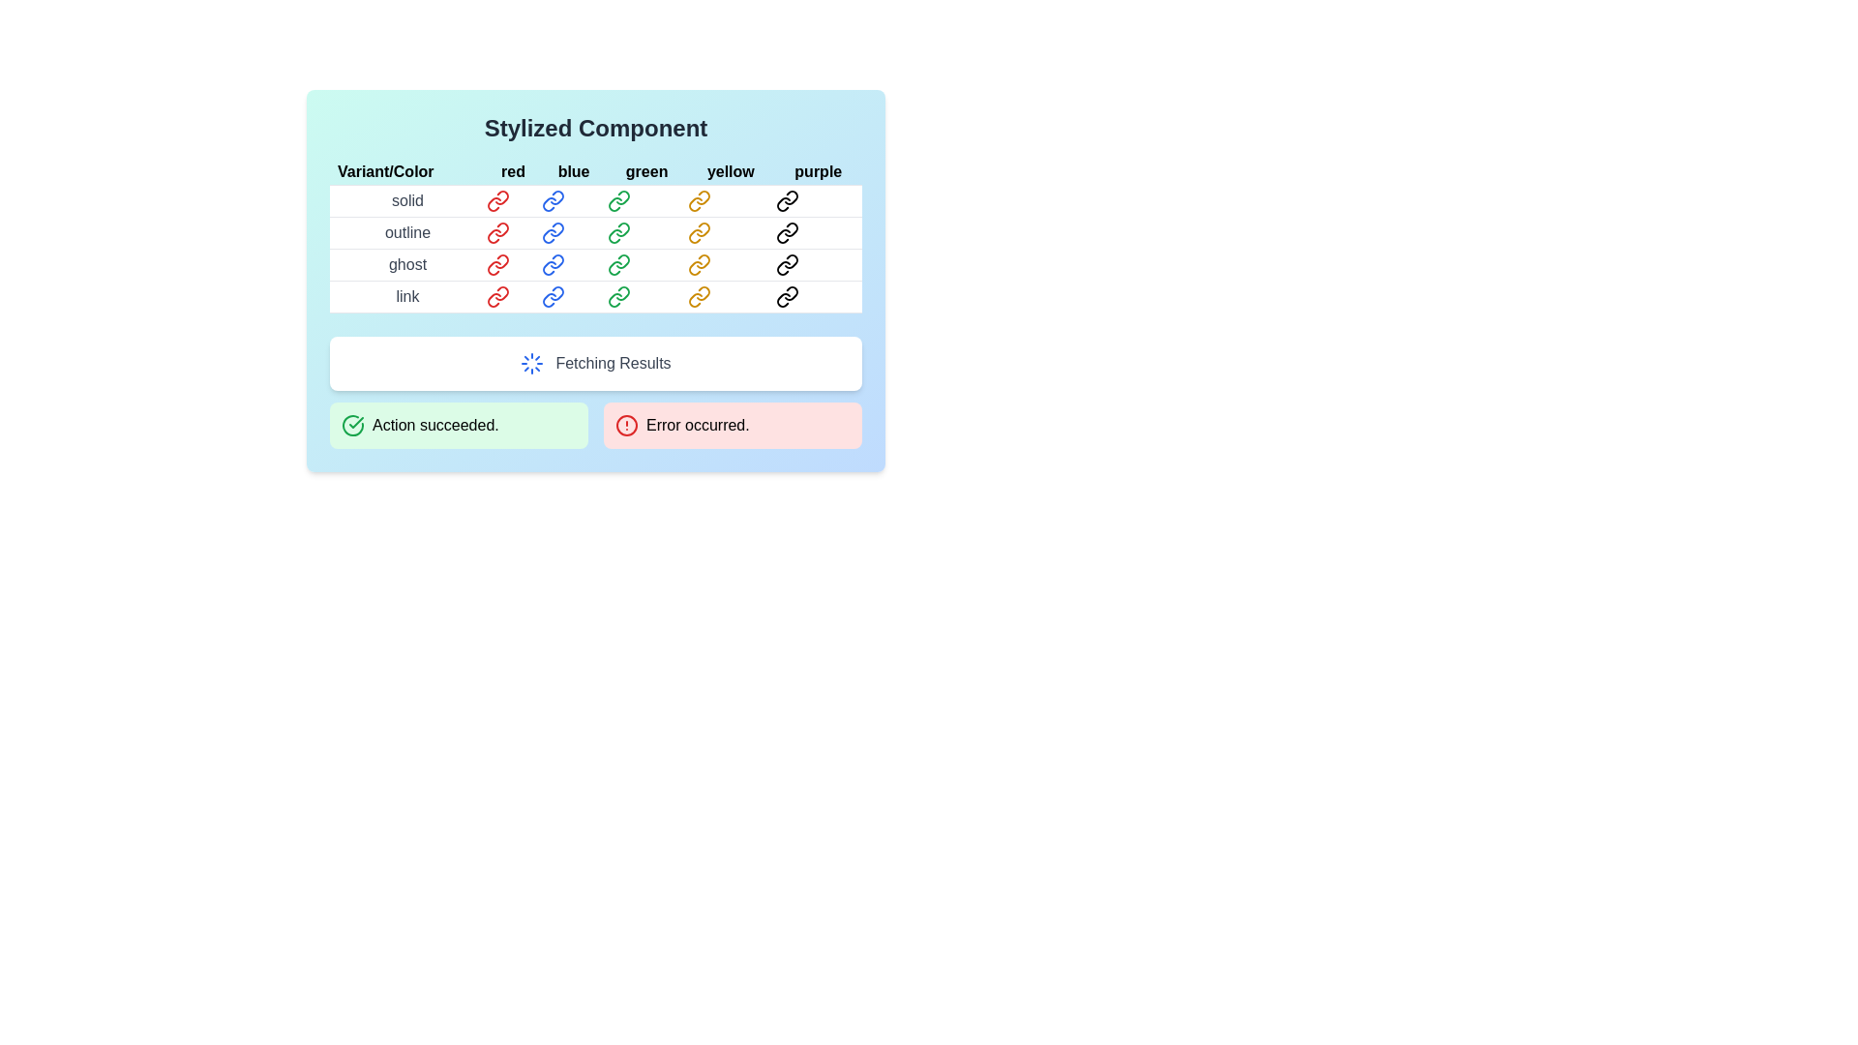 The height and width of the screenshot is (1045, 1858). I want to click on the Icon button or hyperlink representing the 'ghost green' resource to change its appearance, so click(619, 264).